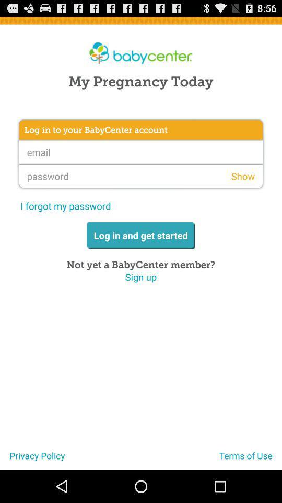 This screenshot has width=282, height=503. What do you see at coordinates (32, 459) in the screenshot?
I see `icon below the sign up icon` at bounding box center [32, 459].